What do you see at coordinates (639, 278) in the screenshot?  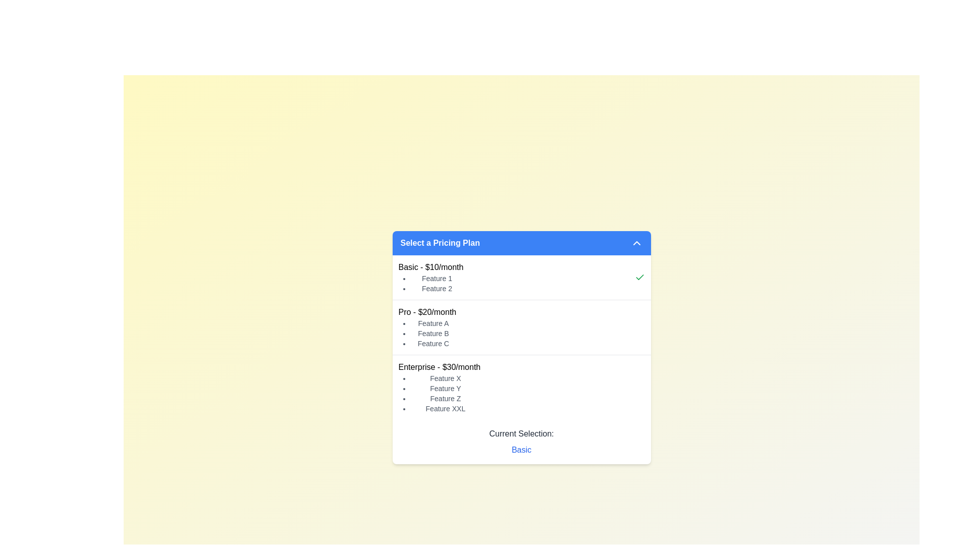 I see `the state of the SVG checkmark icon indicating the selection of the 'Basic' pricing plan, which is located at the right edge of the 'Basic - $10/month' pricing card` at bounding box center [639, 278].